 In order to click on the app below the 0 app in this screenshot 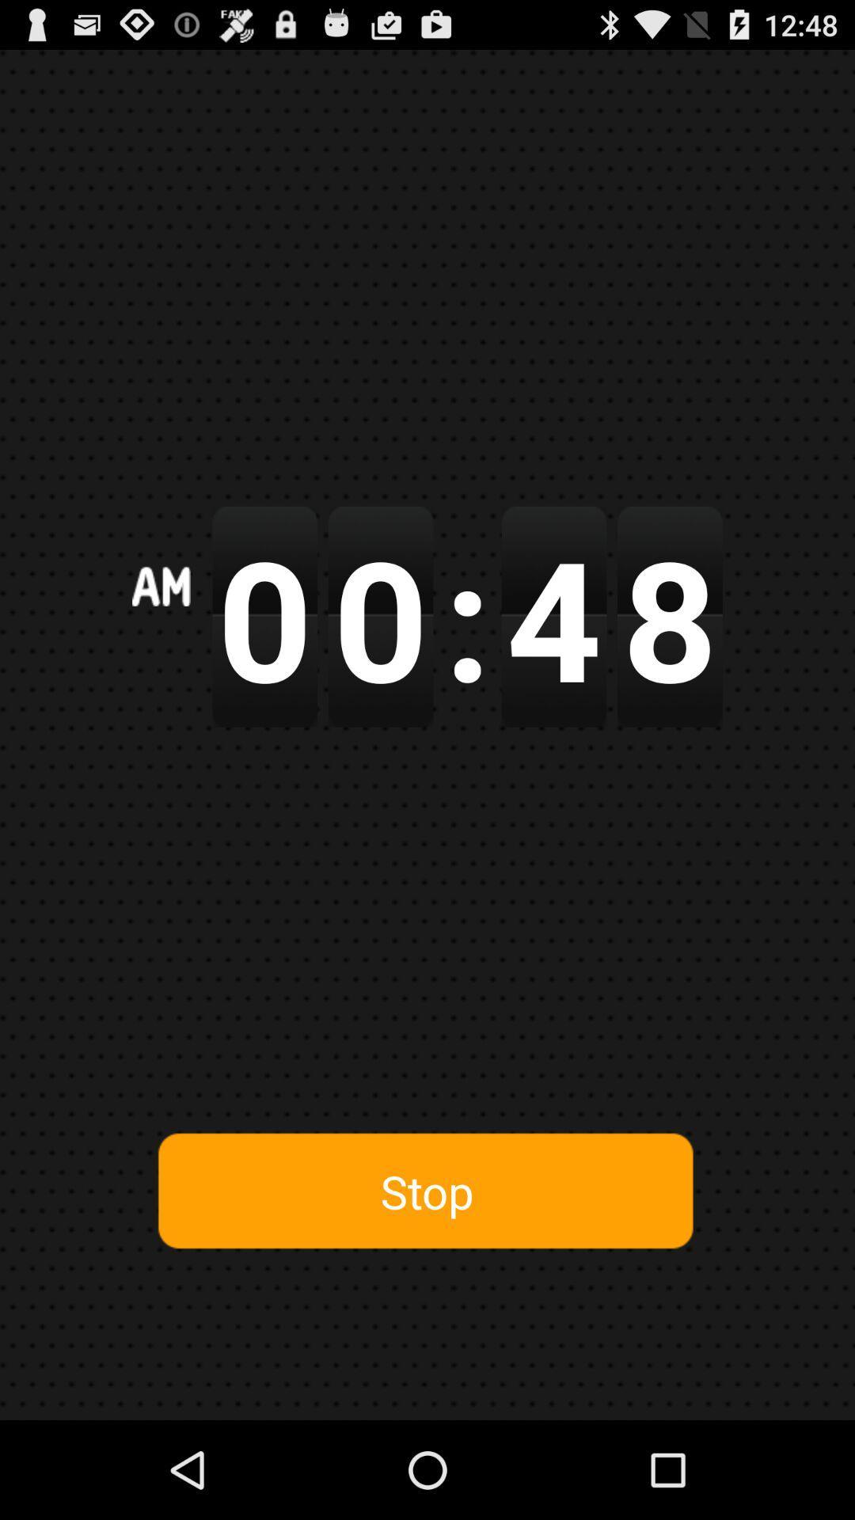, I will do `click(426, 1191)`.